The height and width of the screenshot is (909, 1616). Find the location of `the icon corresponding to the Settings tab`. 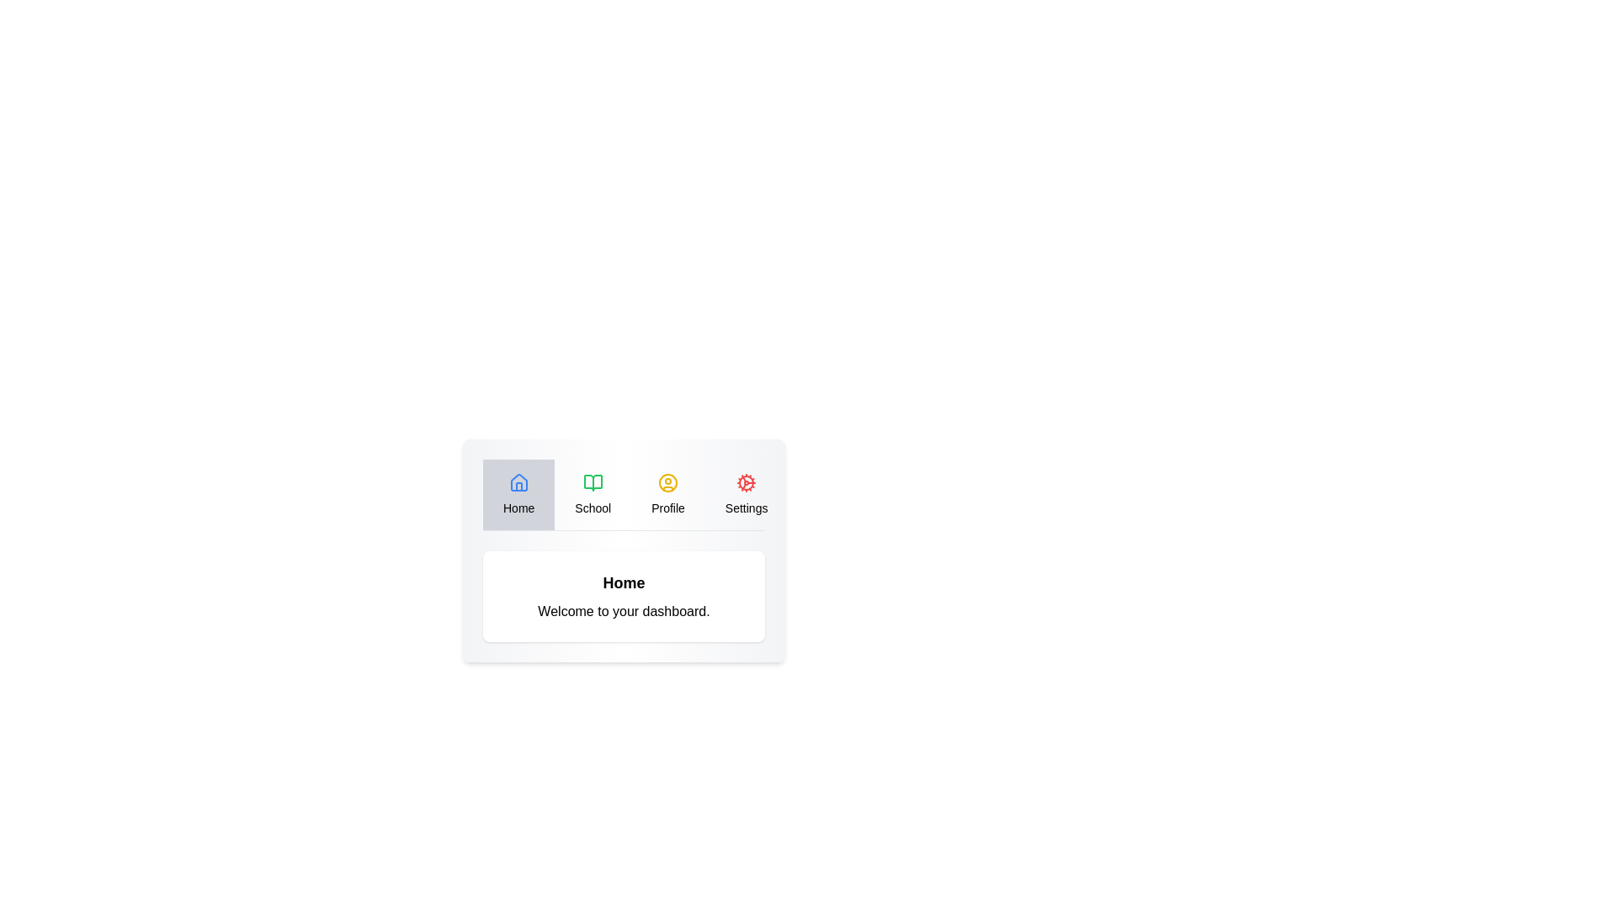

the icon corresponding to the Settings tab is located at coordinates (746, 483).